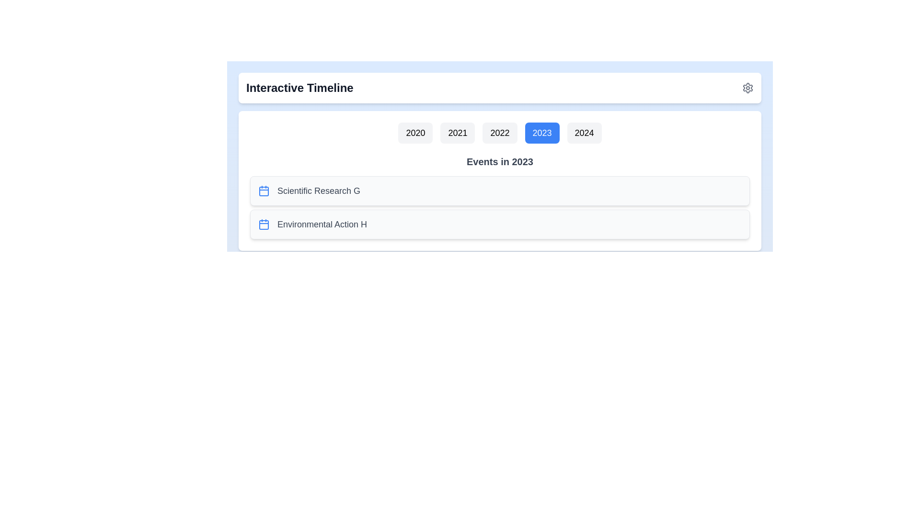 The image size is (920, 517). Describe the element at coordinates (542, 133) in the screenshot. I see `the year button labeled 2023 to select it` at that location.